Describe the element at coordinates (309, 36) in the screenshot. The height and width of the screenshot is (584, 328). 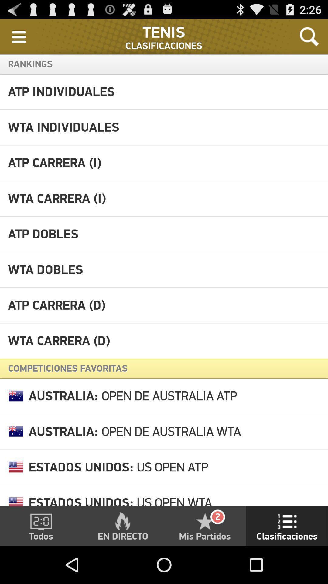
I see `the item next to clasificaciones` at that location.